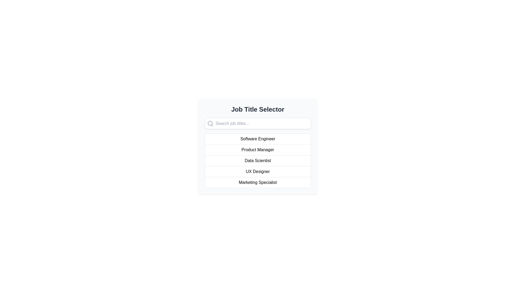 The width and height of the screenshot is (510, 287). What do you see at coordinates (258, 146) in the screenshot?
I see `the interactive list item representing the job title 'Product Manager' within the job title selector component` at bounding box center [258, 146].